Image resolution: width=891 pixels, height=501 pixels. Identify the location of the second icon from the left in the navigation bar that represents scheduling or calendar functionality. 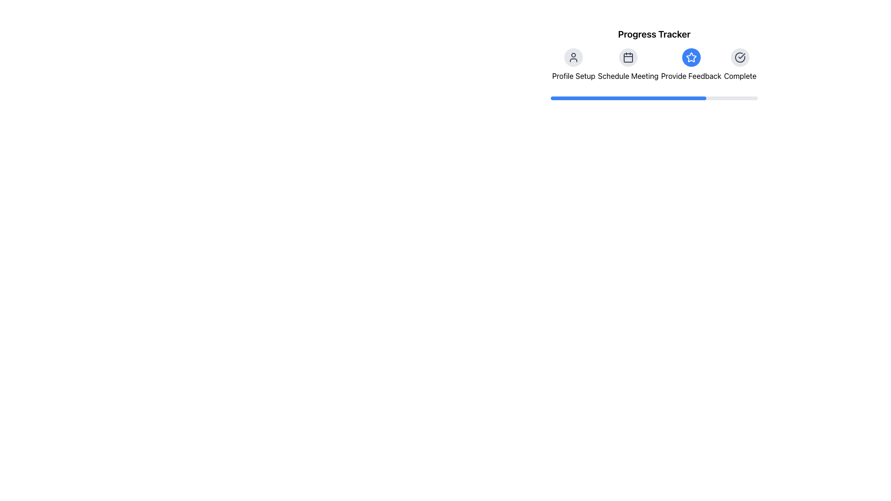
(628, 58).